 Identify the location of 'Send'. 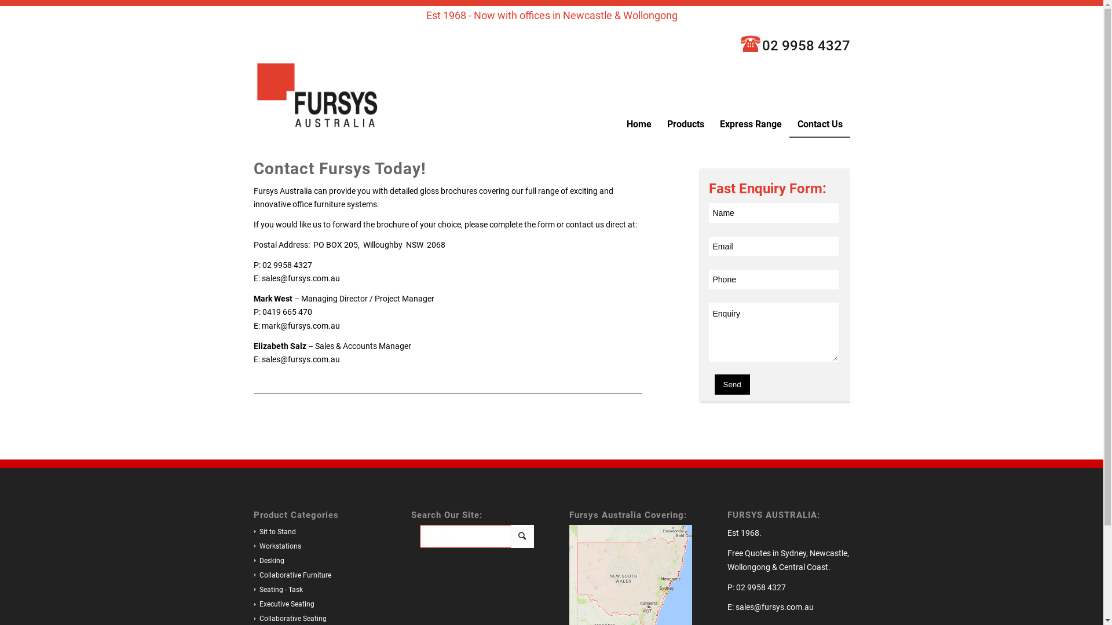
(731, 384).